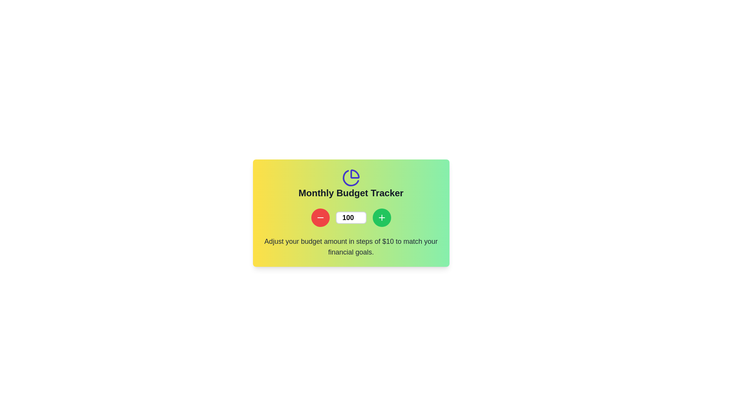  What do you see at coordinates (350, 177) in the screenshot?
I see `the representation of the pie chart icon with a bold blue outline` at bounding box center [350, 177].